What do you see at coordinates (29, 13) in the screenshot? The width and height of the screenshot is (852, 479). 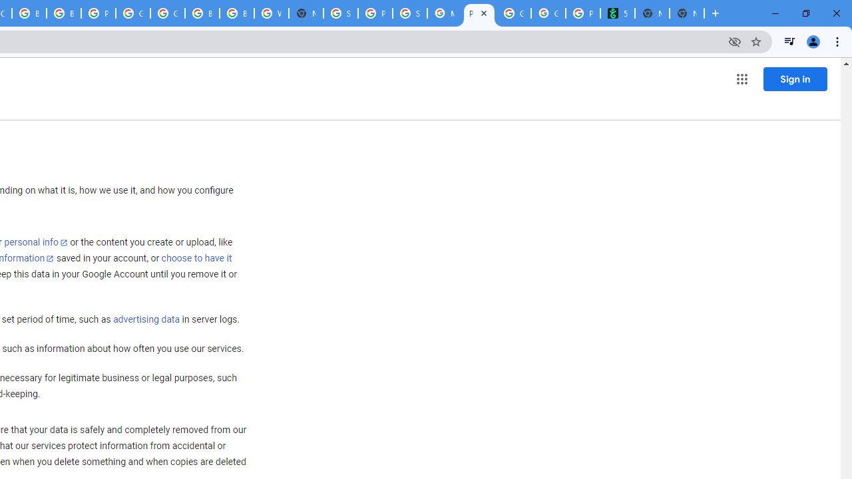 I see `'Browse Chrome as a guest - Computer - Google Chrome Help'` at bounding box center [29, 13].